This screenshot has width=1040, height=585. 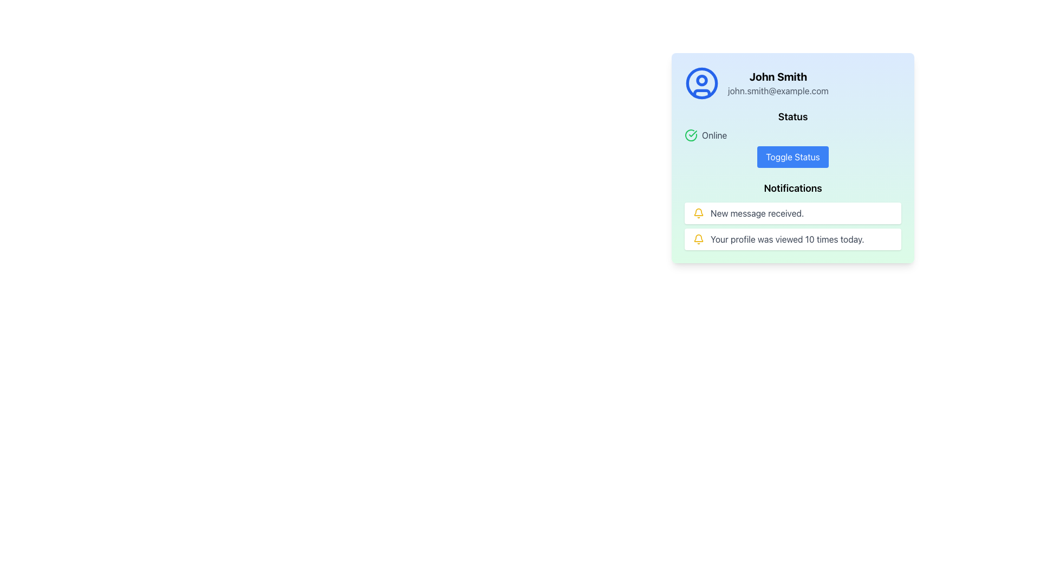 What do you see at coordinates (787, 239) in the screenshot?
I see `the text label displaying user profile activity, which shows how many times the user's profile has been viewed today` at bounding box center [787, 239].